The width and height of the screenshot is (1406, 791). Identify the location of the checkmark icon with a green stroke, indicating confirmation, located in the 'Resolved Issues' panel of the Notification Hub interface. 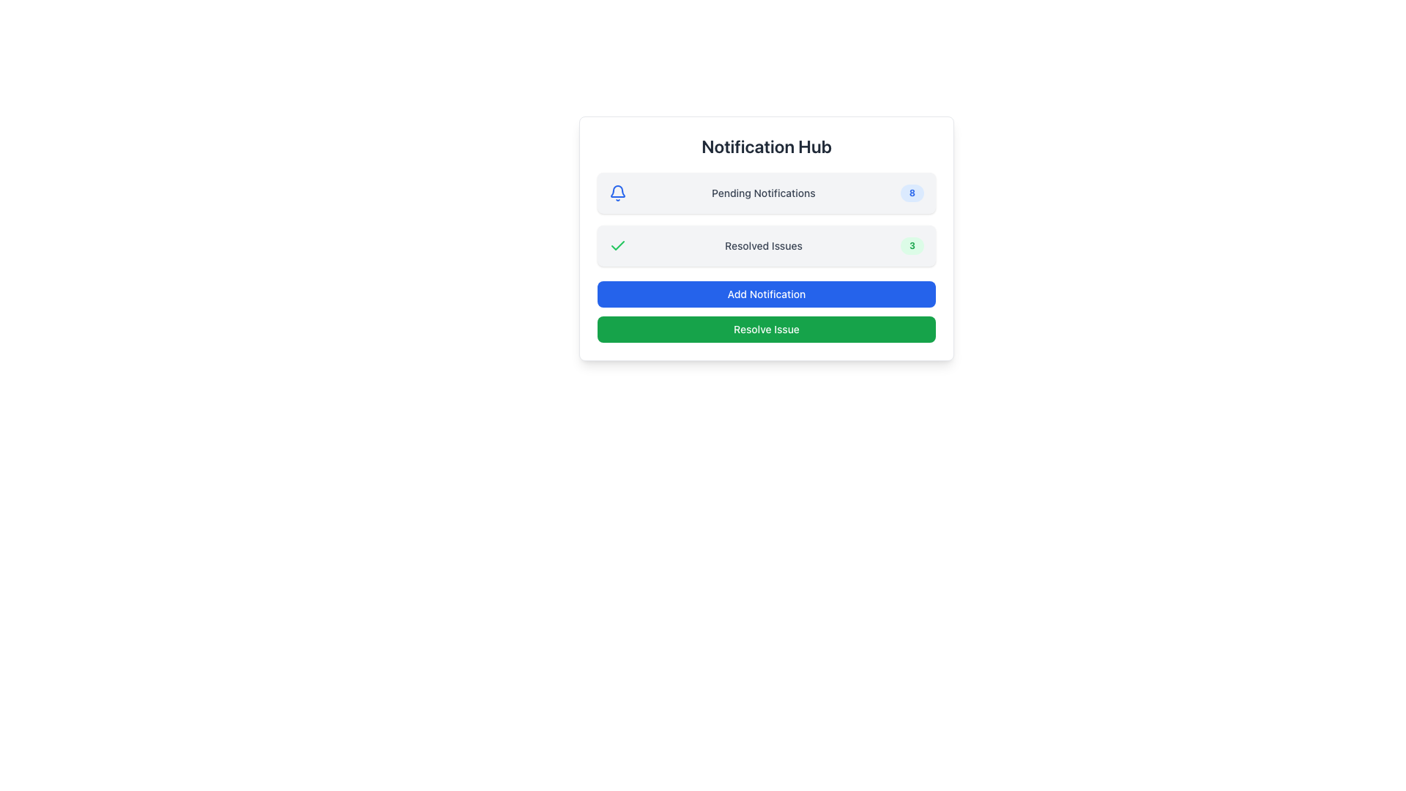
(618, 245).